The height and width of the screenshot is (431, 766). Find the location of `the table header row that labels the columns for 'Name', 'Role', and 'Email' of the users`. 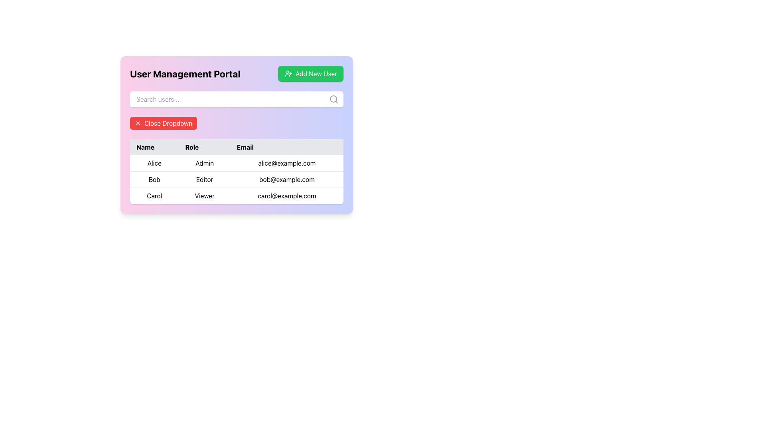

the table header row that labels the columns for 'Name', 'Role', and 'Email' of the users is located at coordinates (236, 147).